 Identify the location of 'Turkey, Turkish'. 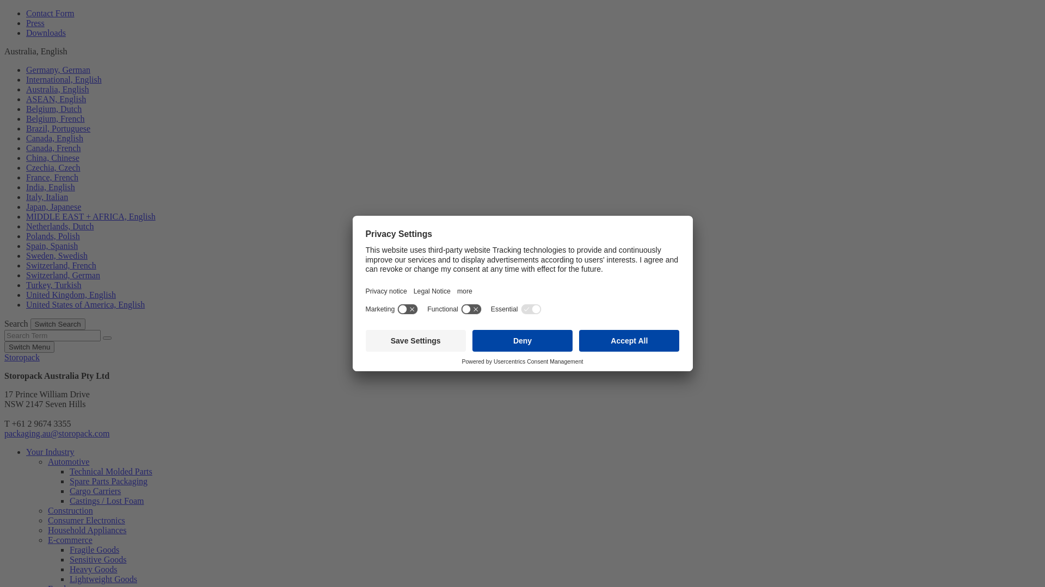
(26, 284).